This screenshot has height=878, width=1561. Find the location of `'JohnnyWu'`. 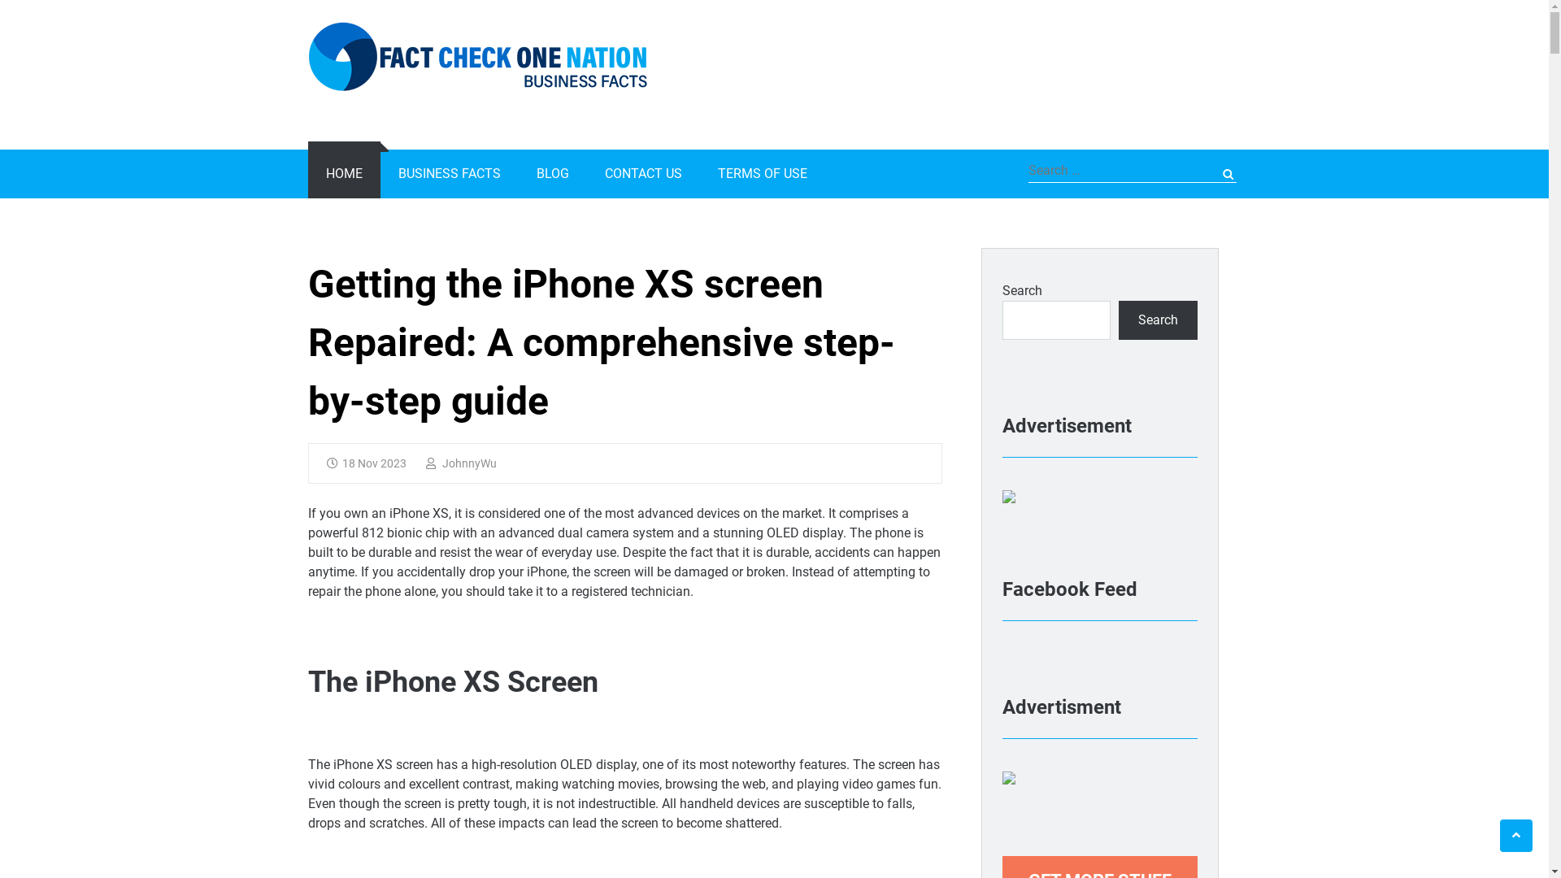

'JohnnyWu' is located at coordinates (460, 463).